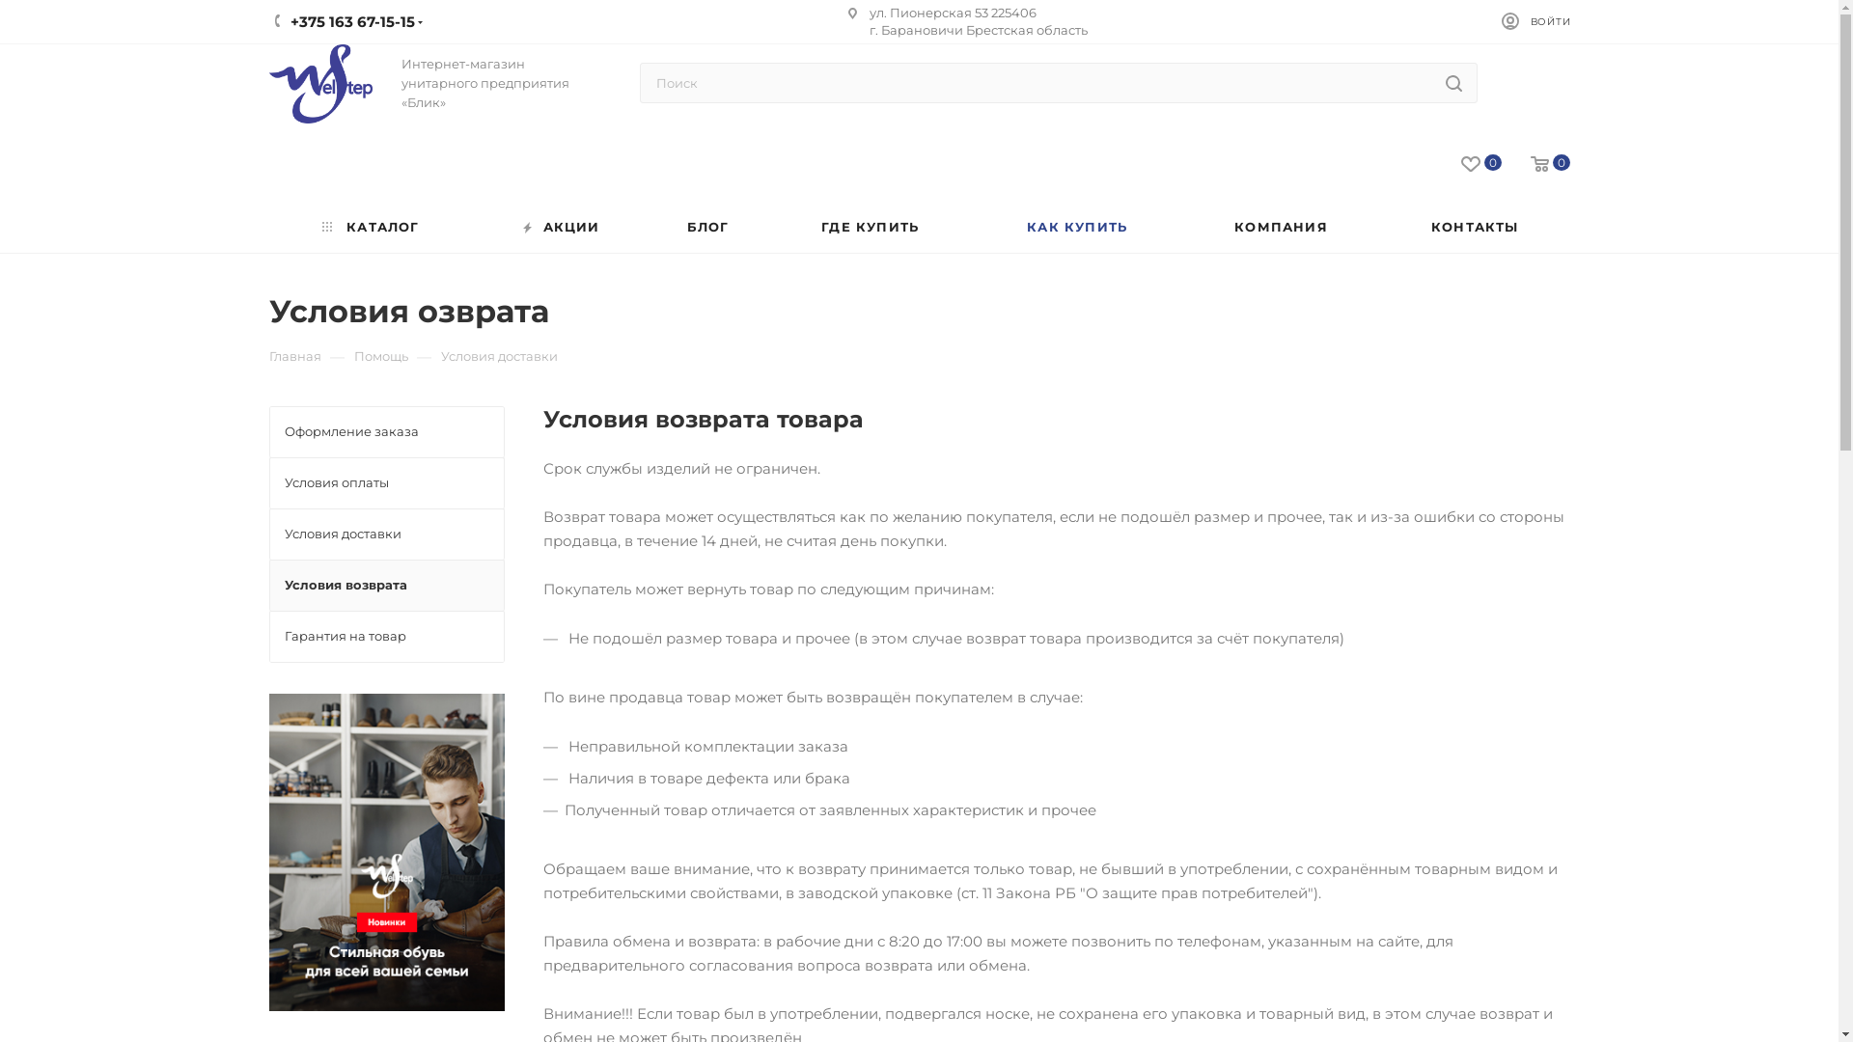 The width and height of the screenshot is (1853, 1042). I want to click on '0', so click(1467, 163).